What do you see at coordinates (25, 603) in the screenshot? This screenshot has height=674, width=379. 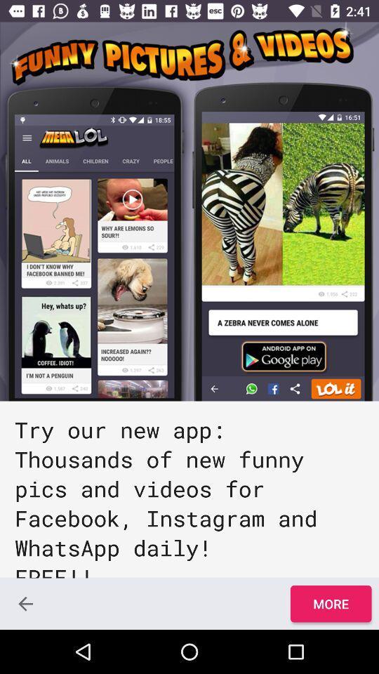 I see `the icon to the left of more item` at bounding box center [25, 603].